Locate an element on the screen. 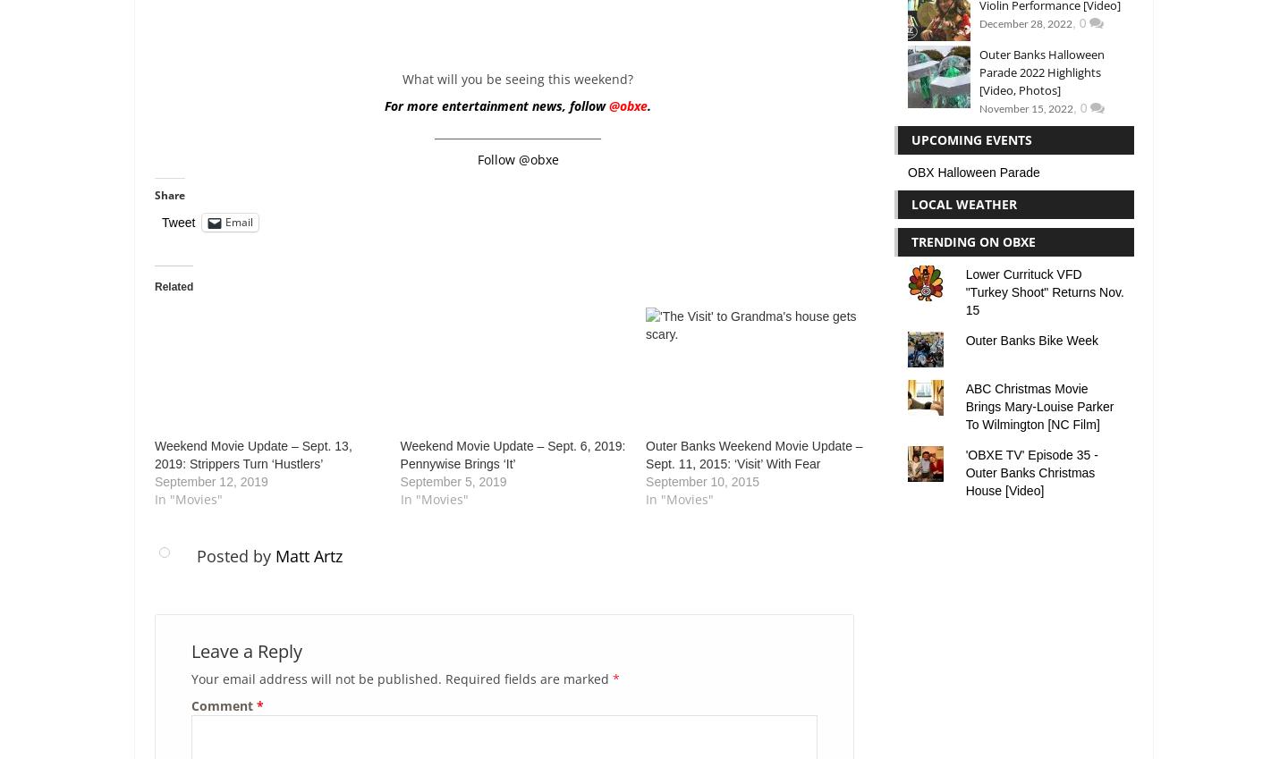  'Leave a Reply' is located at coordinates (191, 651).